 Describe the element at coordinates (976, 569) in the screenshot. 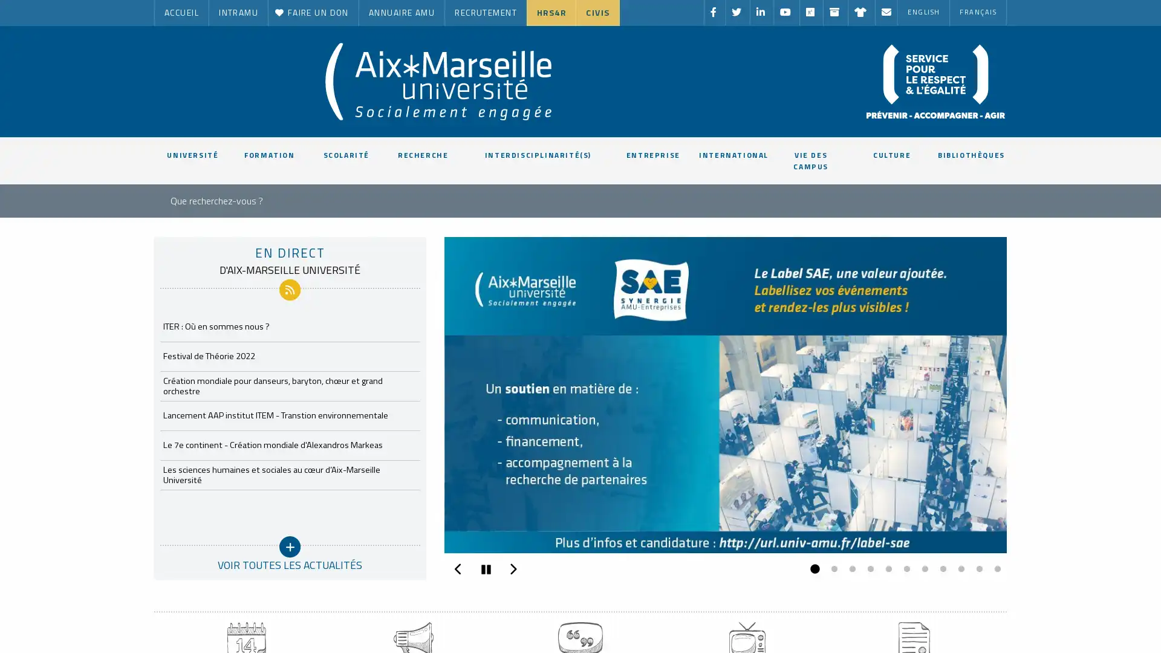

I see `Go to slide 10` at that location.